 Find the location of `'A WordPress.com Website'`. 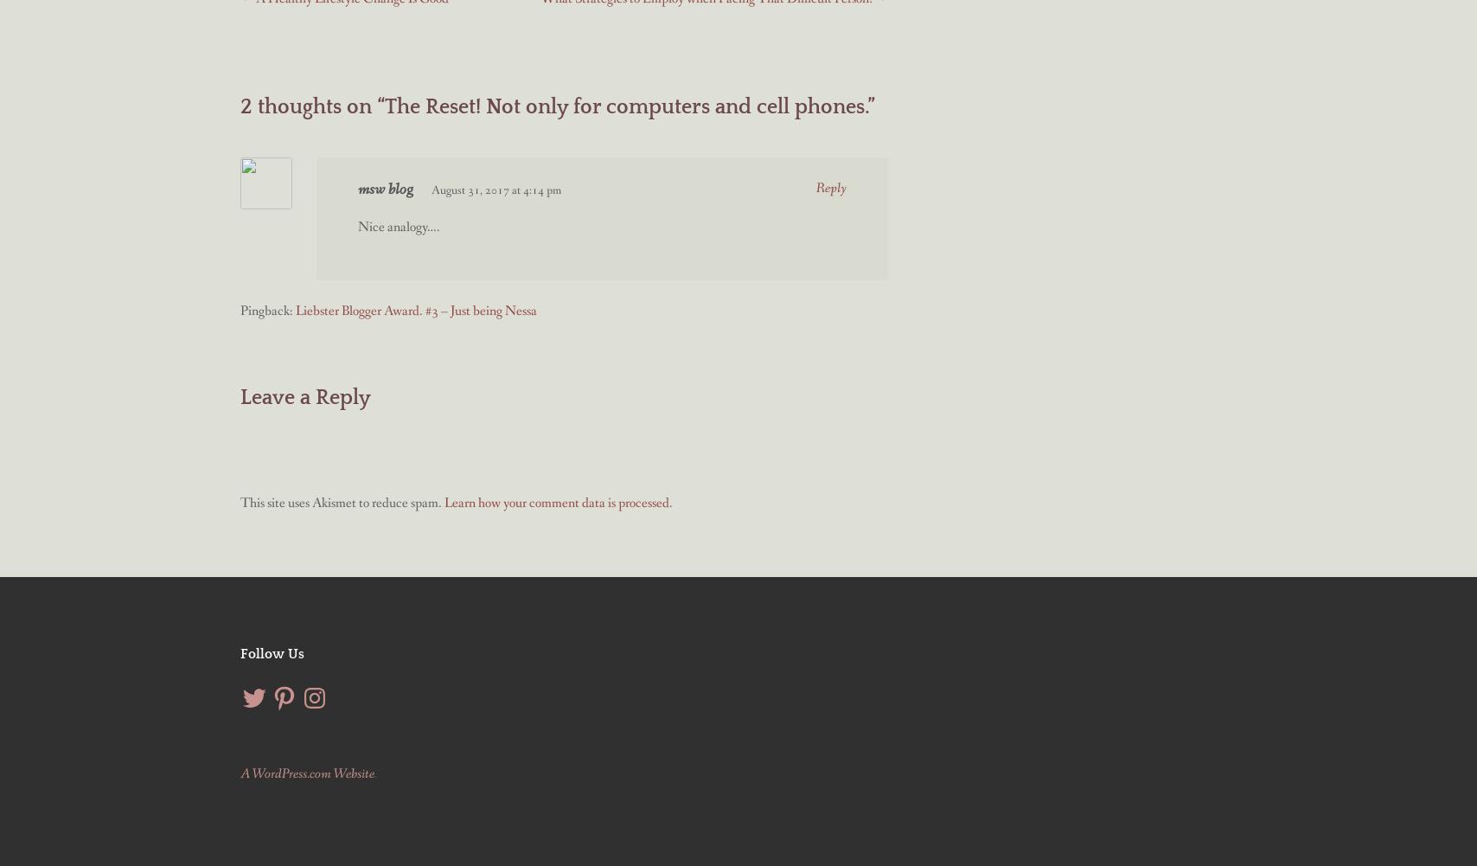

'A WordPress.com Website' is located at coordinates (240, 773).